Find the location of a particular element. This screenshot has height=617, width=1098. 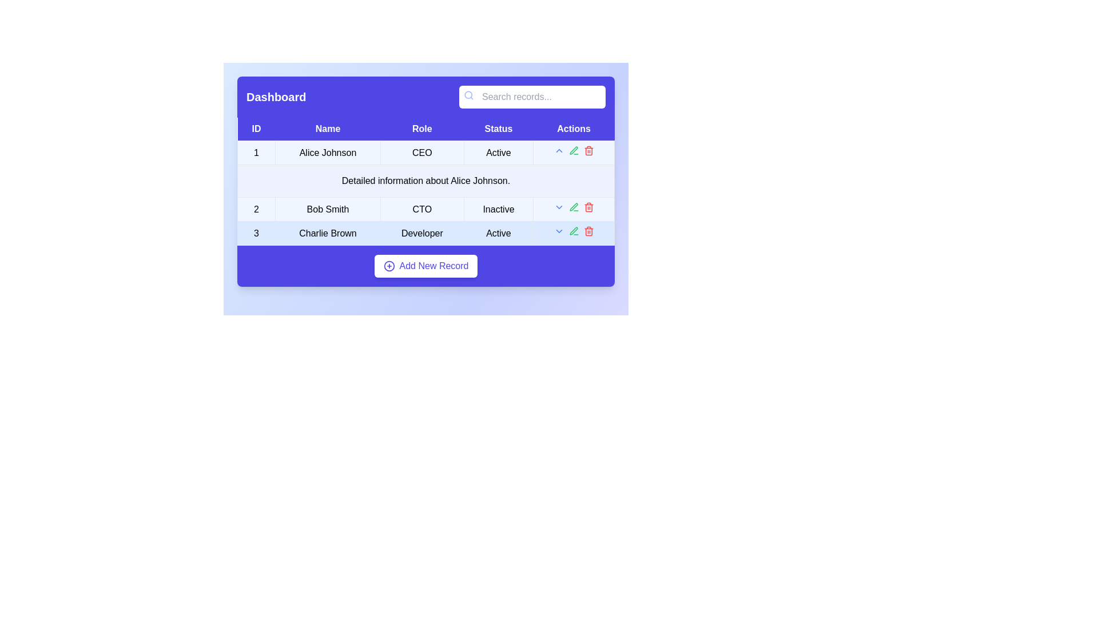

the text label that displays 'Name' in white font on a purple background, positioned between the 'ID' and 'Role' labels is located at coordinates (327, 129).